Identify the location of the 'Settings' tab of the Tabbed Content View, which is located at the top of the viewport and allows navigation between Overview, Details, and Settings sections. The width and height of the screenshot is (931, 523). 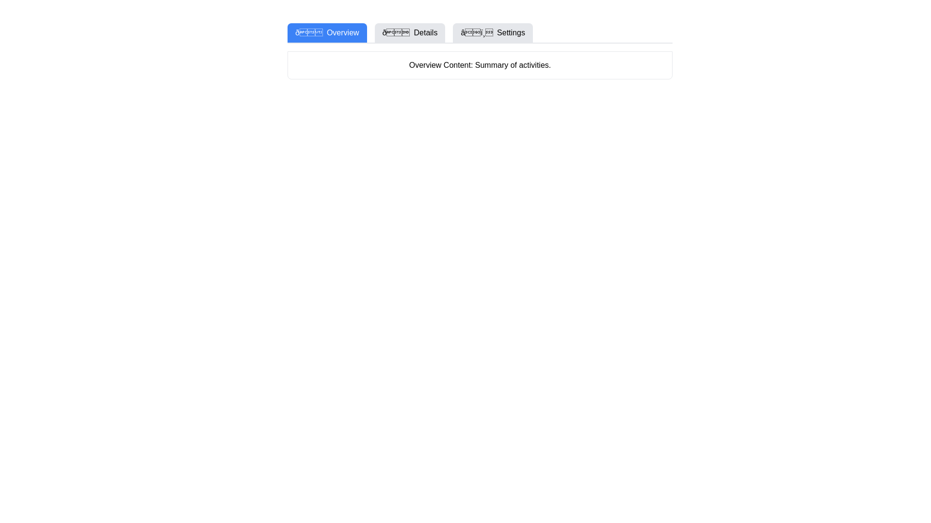
(480, 51).